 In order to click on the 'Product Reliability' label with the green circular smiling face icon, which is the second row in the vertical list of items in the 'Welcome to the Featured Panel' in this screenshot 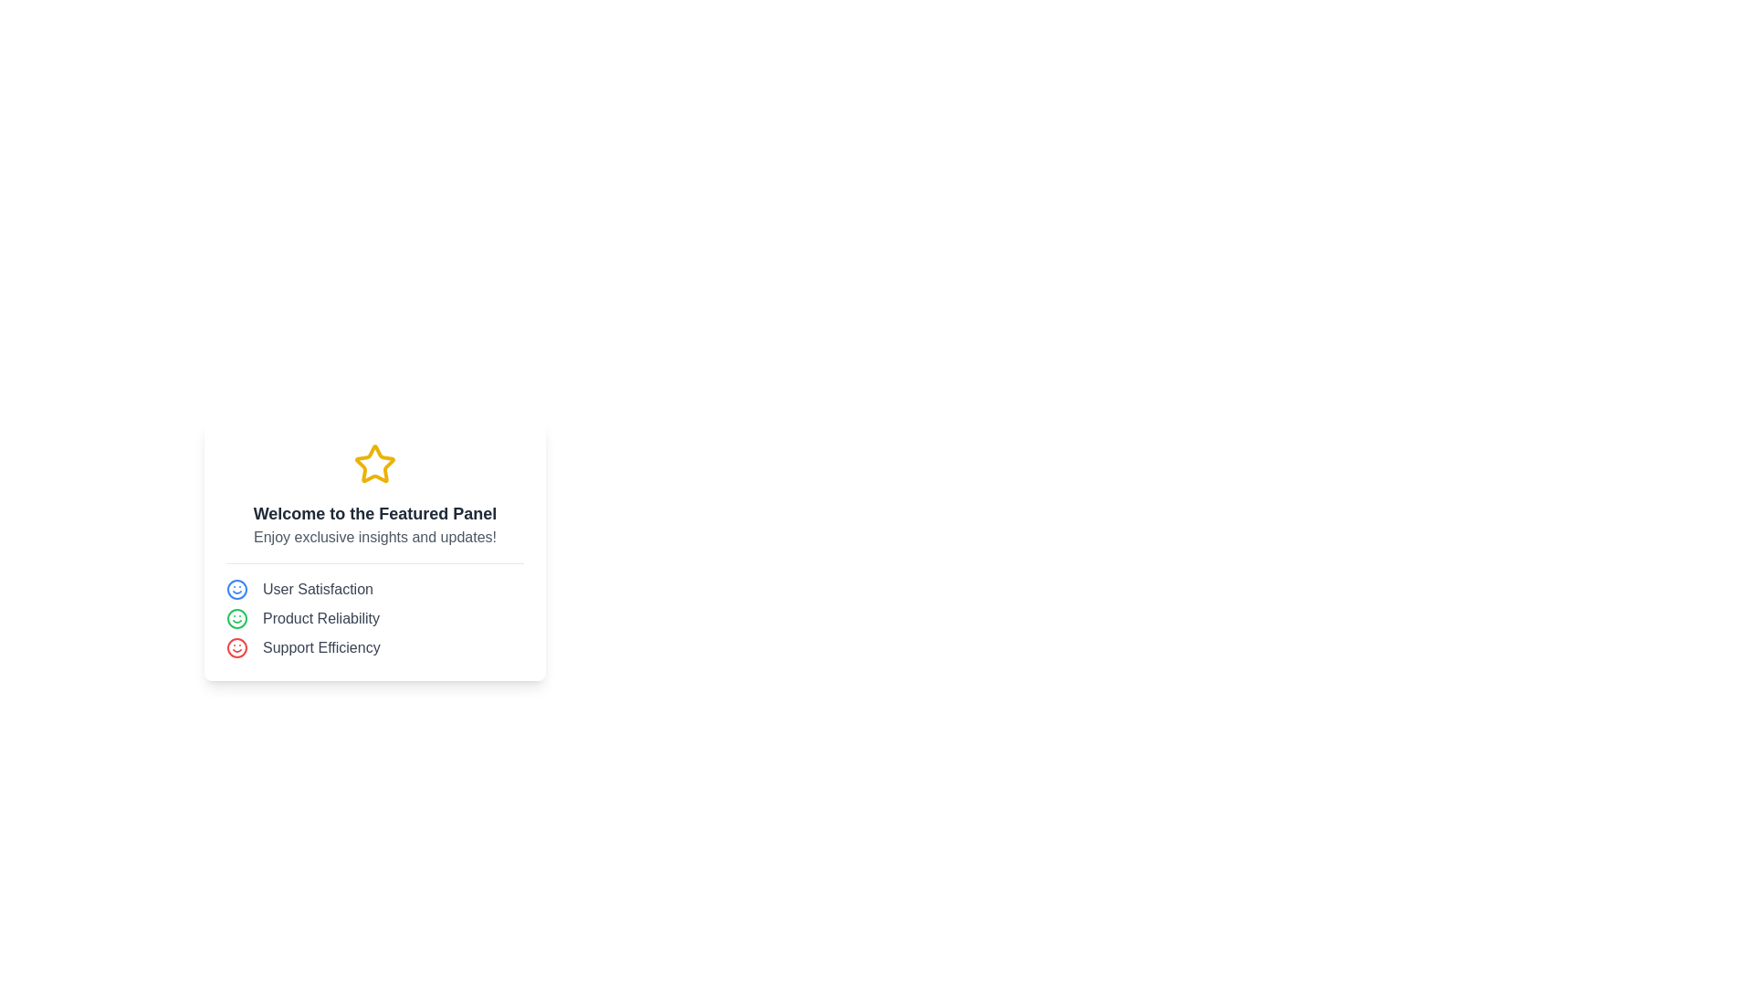, I will do `click(374, 617)`.